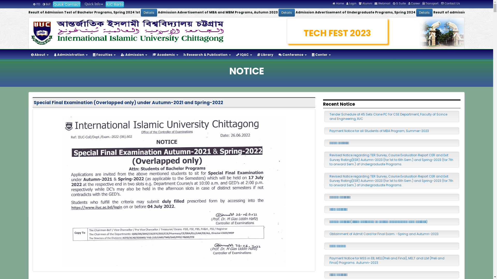 This screenshot has width=497, height=279. Describe the element at coordinates (36, 4) in the screenshot. I see `'ITD'` at that location.